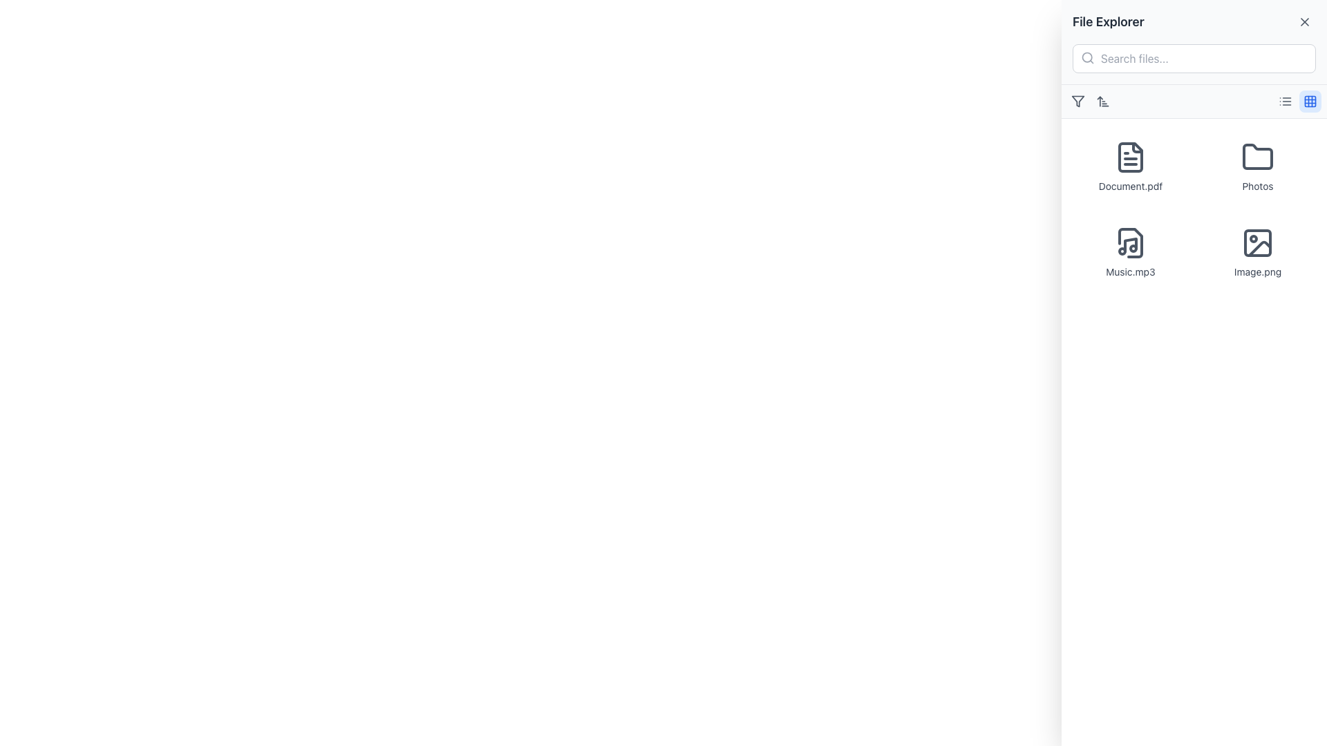 This screenshot has height=746, width=1327. Describe the element at coordinates (1086, 57) in the screenshot. I see `the SVG Circle element that is part of the search icon, located to the left of the text input field at the top of the interface` at that location.